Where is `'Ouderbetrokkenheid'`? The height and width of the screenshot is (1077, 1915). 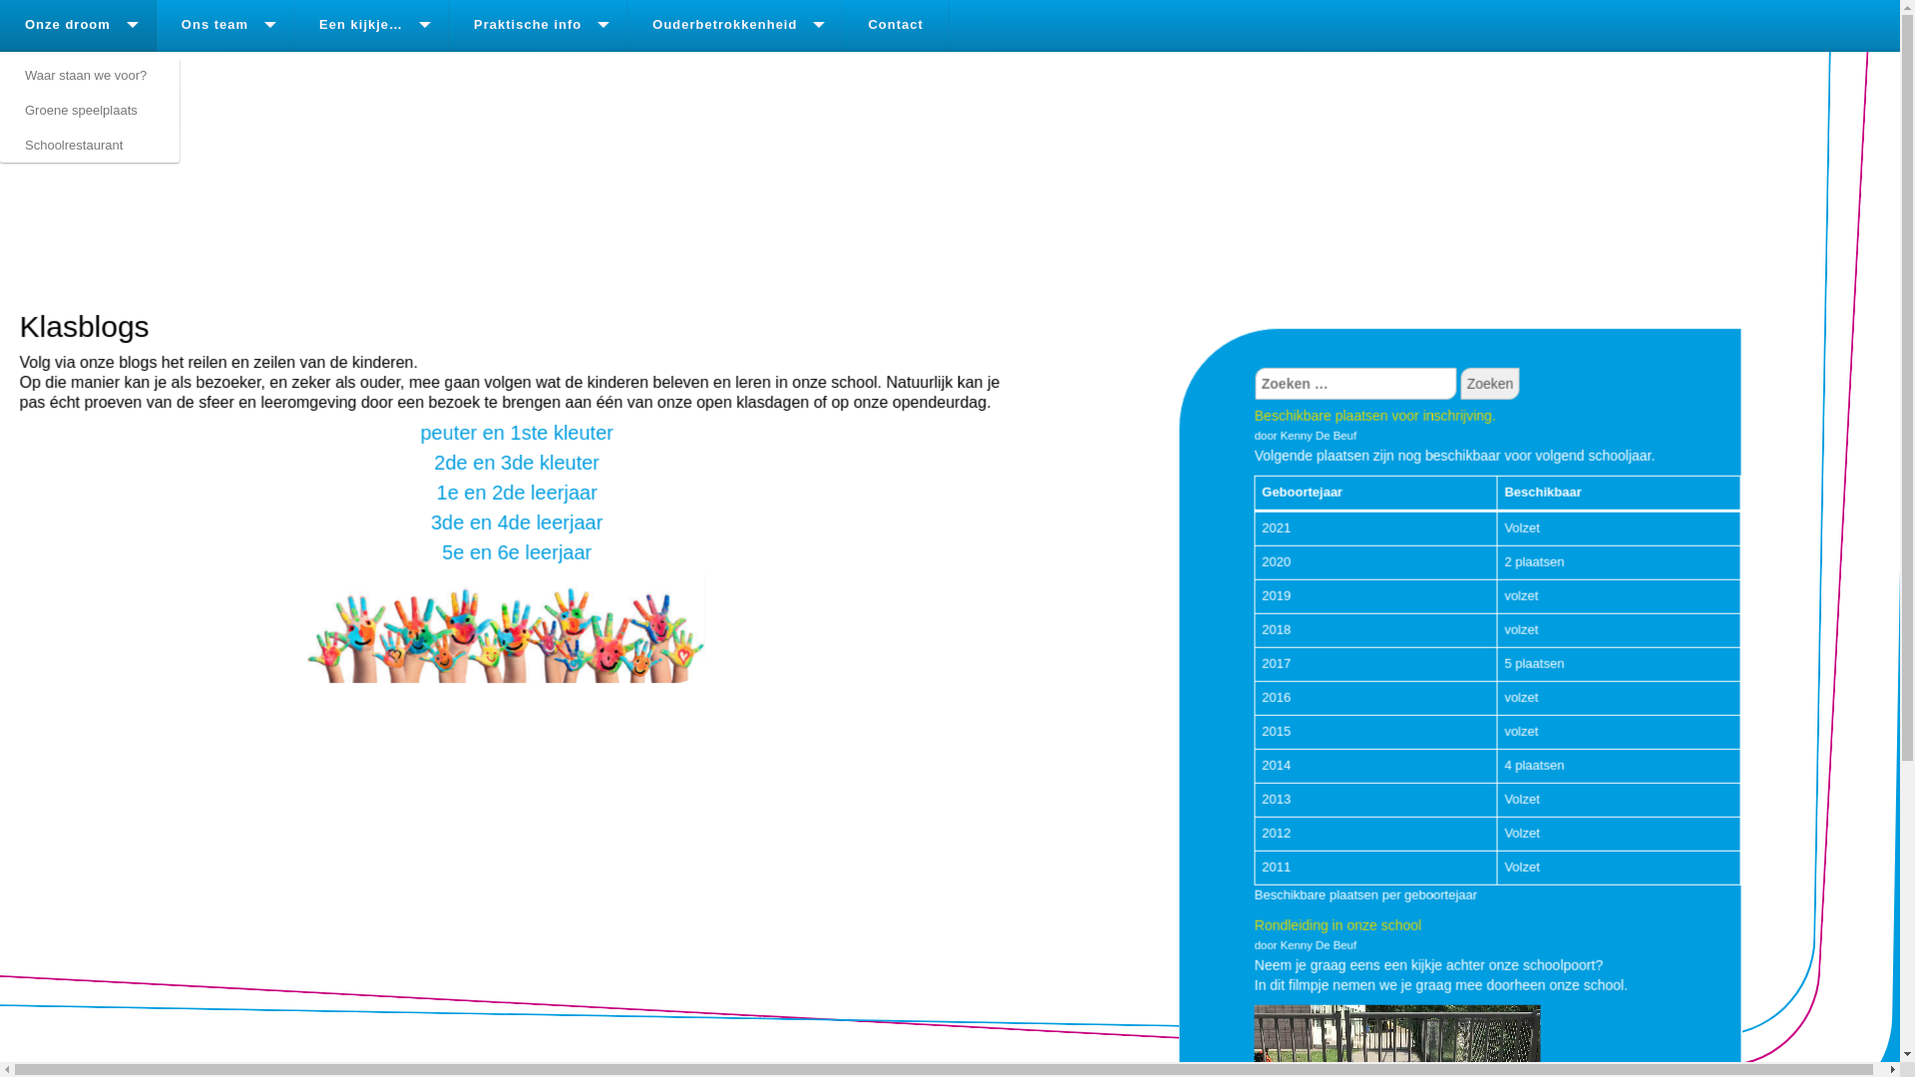
'Ouderbetrokkenheid' is located at coordinates (625, 26).